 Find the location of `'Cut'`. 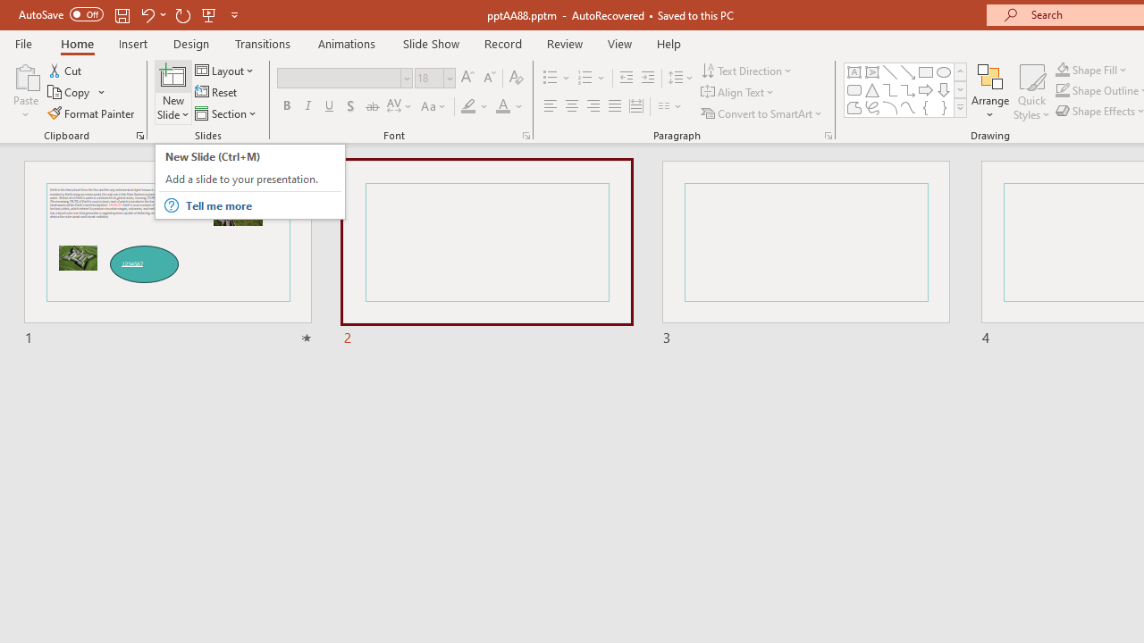

'Cut' is located at coordinates (66, 70).